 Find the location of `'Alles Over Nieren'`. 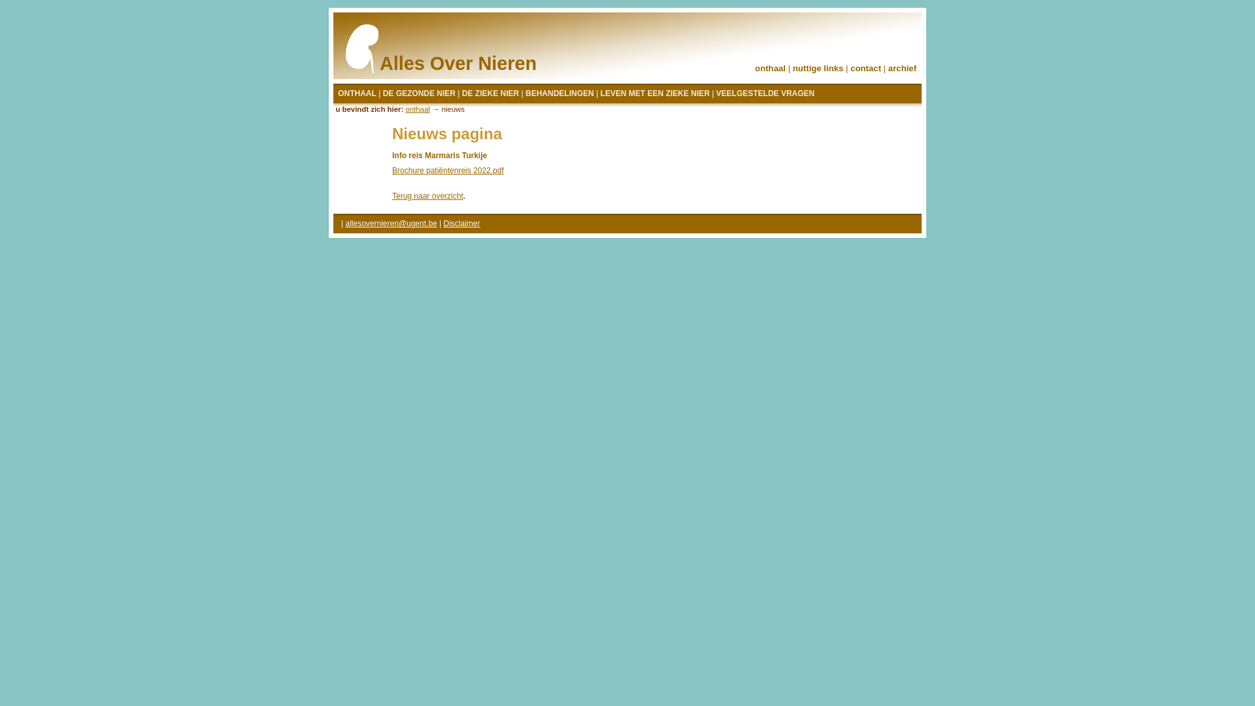

'Alles Over Nieren' is located at coordinates (453, 49).